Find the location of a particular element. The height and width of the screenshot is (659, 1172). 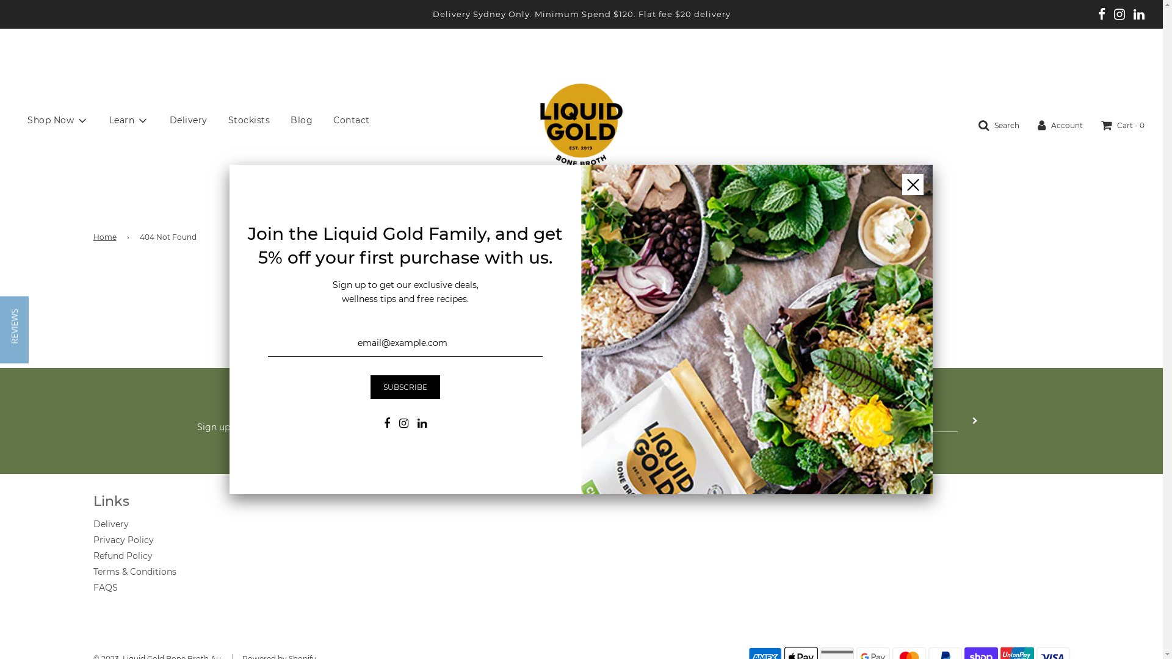

'Refund Policy' is located at coordinates (122, 555).